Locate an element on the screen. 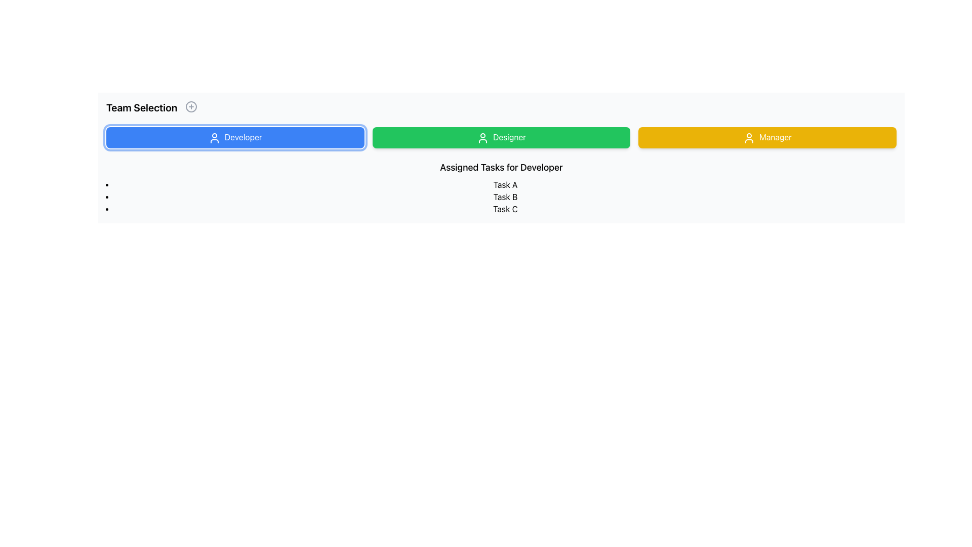 The width and height of the screenshot is (972, 547). the icon representing the user category or role related to the 'Developer' button, which is located to the left of the text 'Developer' is located at coordinates (214, 138).